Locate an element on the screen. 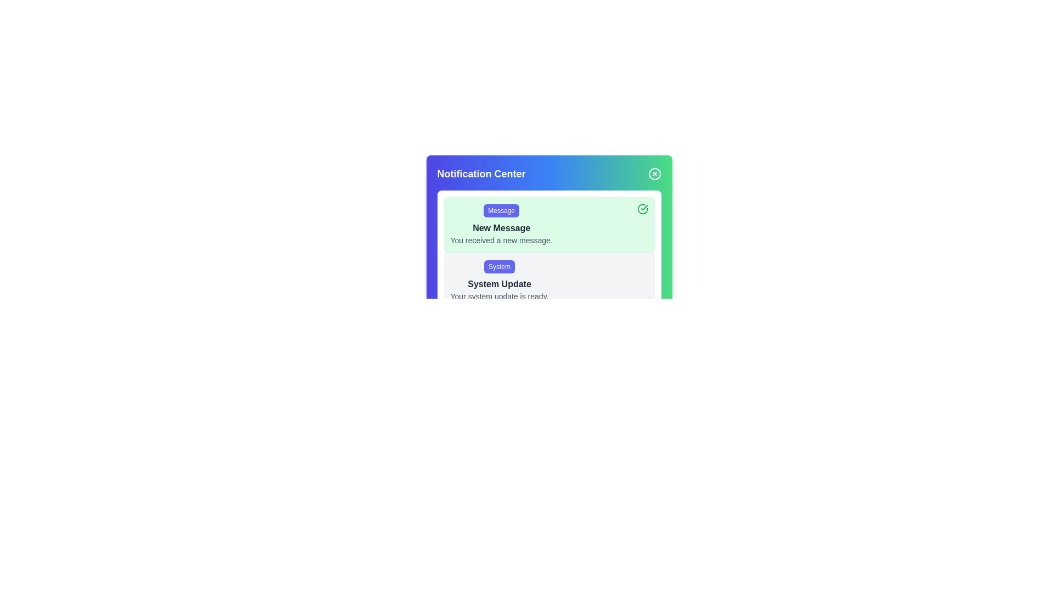 This screenshot has width=1054, height=593. the green circular graphical element (SVG Circle) located in the notification panel near the top-right corner of the header section is located at coordinates (654, 173).